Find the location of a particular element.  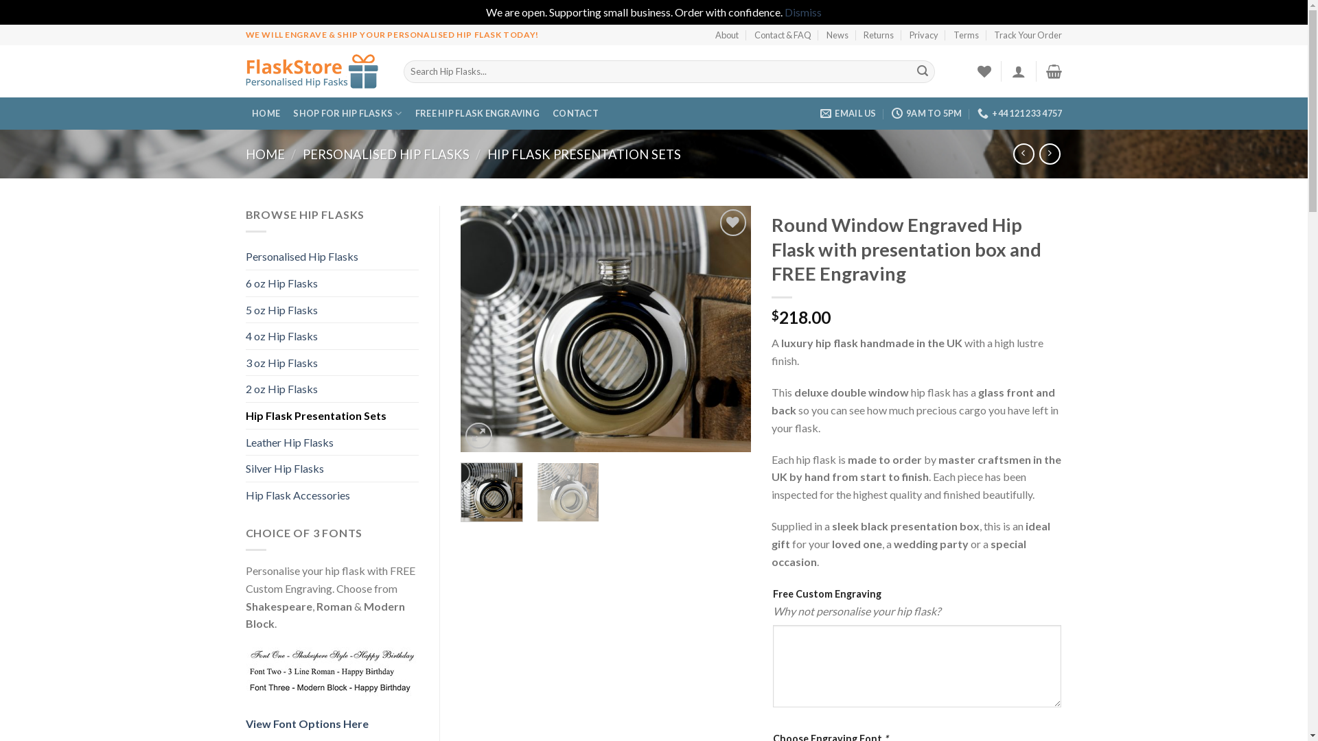

'Silver Hip Flasks' is located at coordinates (332, 467).